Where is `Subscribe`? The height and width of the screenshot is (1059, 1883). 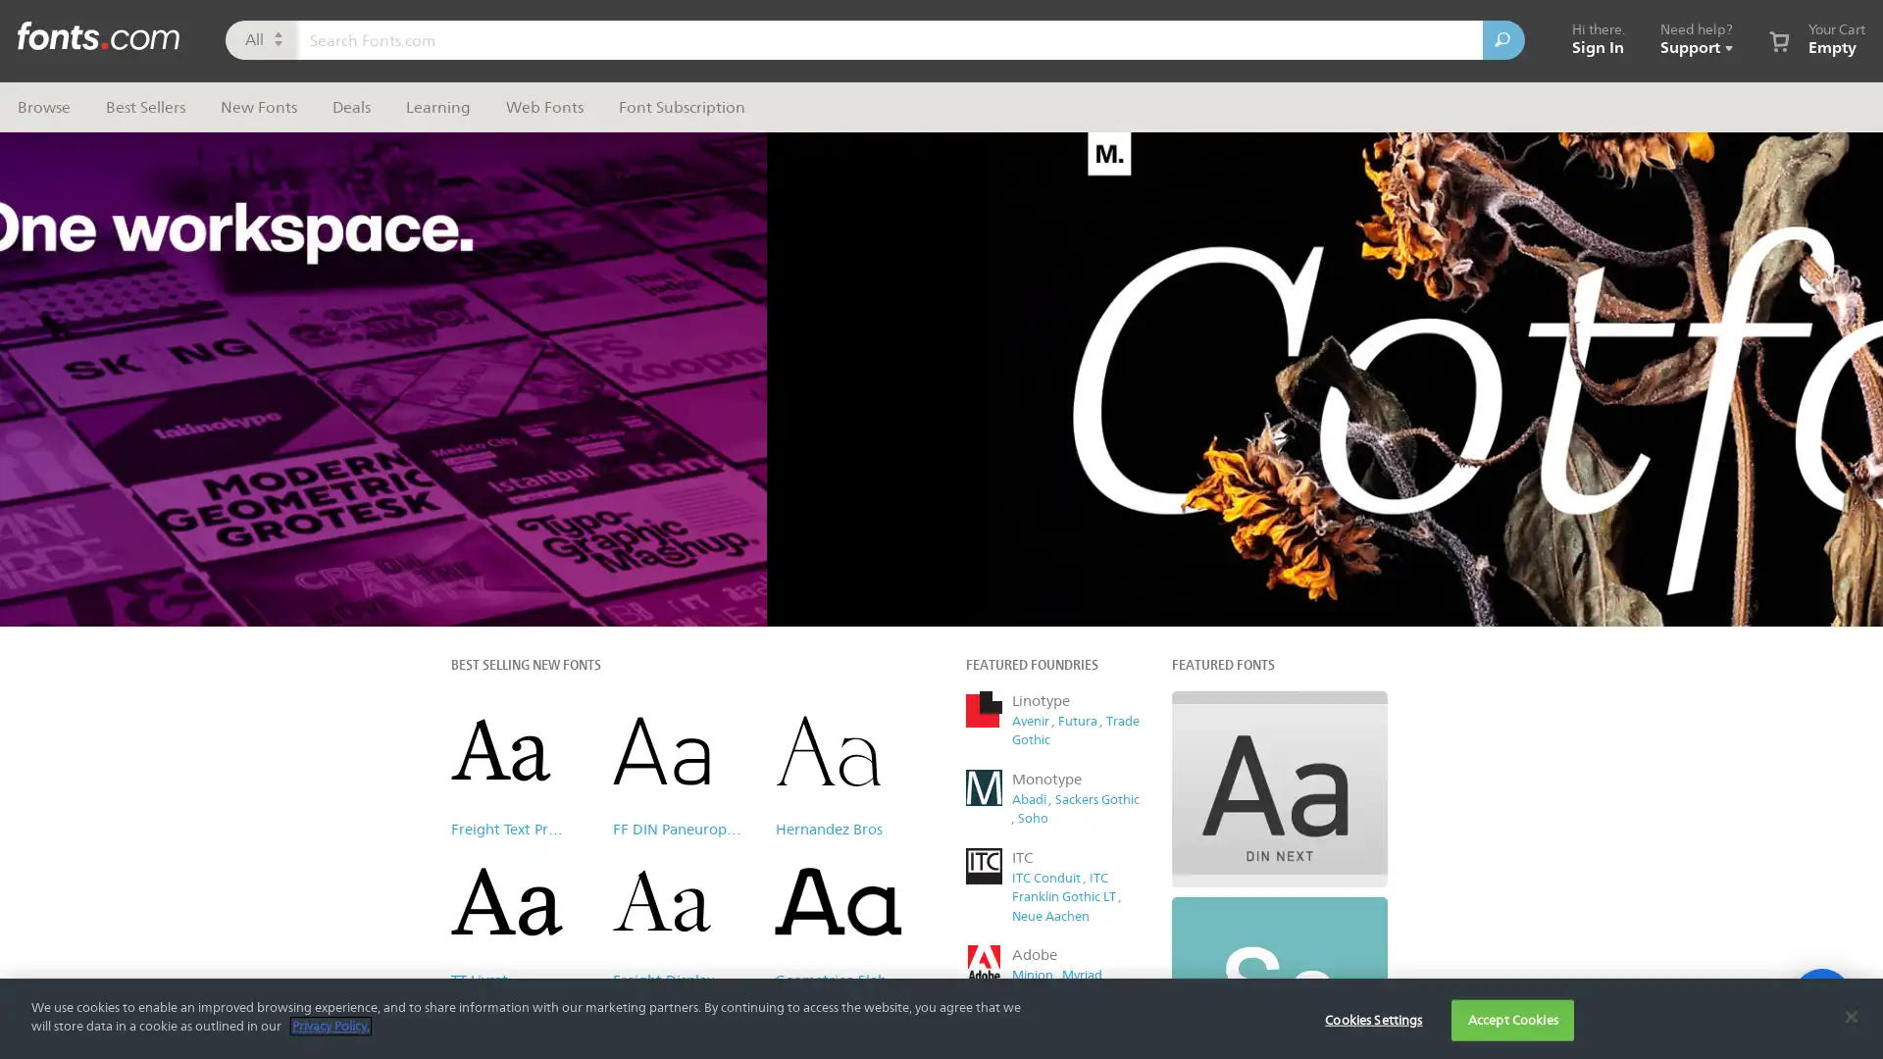 Subscribe is located at coordinates (1137, 505).